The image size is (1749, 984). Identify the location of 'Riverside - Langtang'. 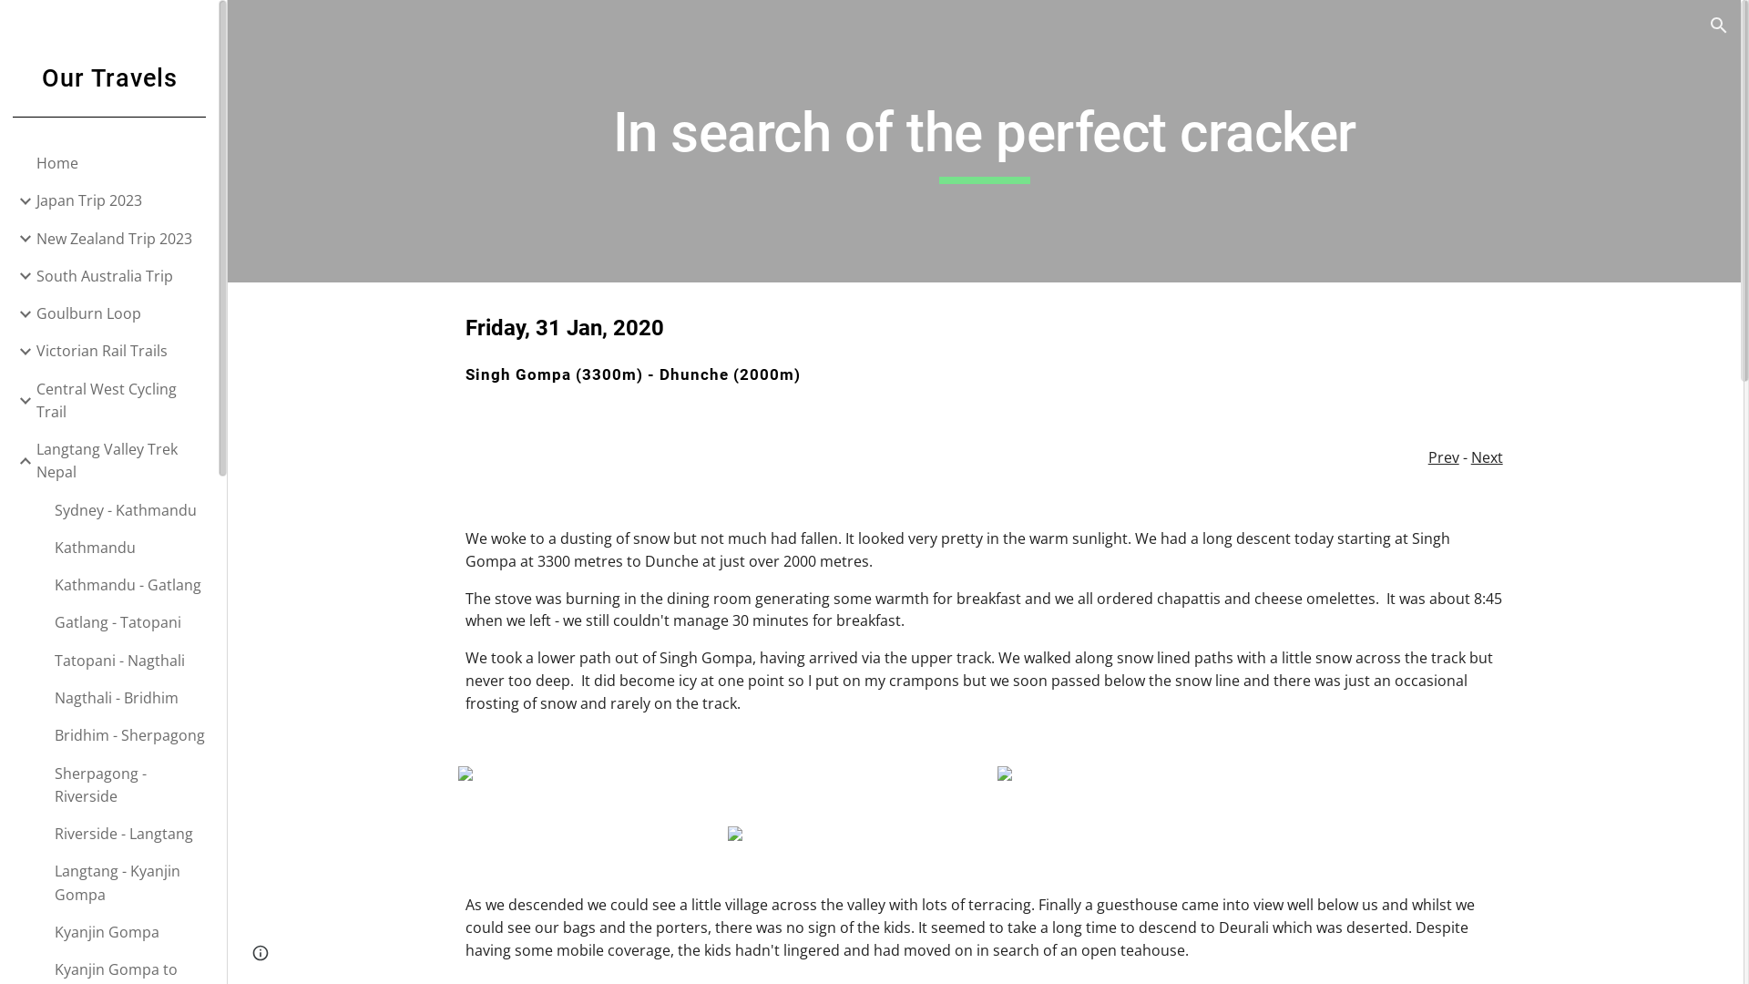
(51, 834).